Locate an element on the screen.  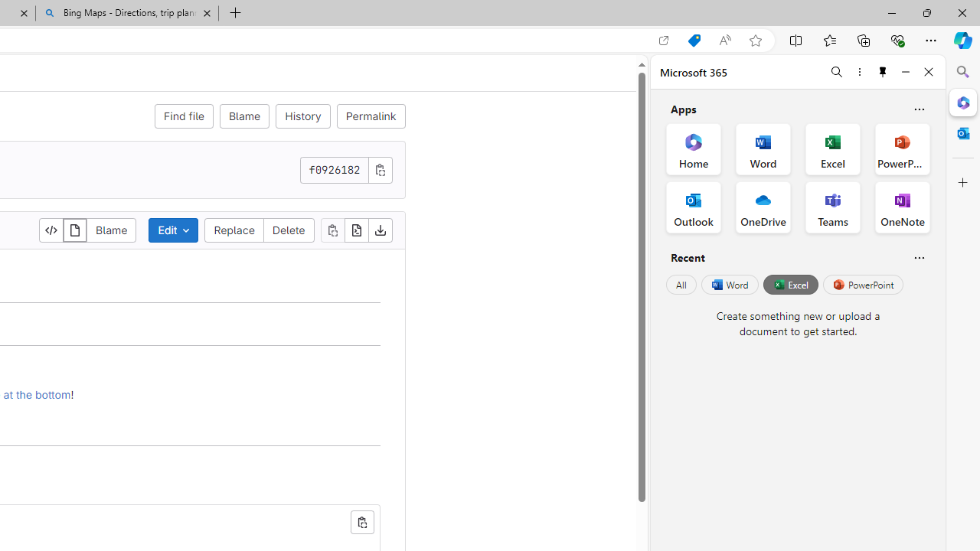
'Is this helpful?' is located at coordinates (919, 256).